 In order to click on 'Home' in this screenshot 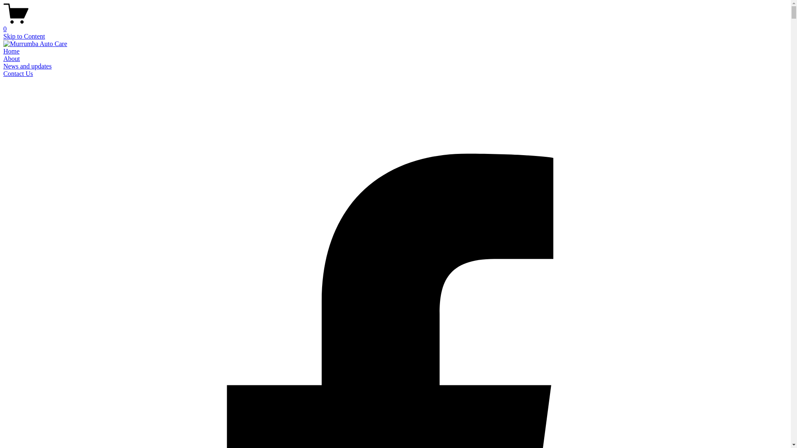, I will do `click(3, 51)`.